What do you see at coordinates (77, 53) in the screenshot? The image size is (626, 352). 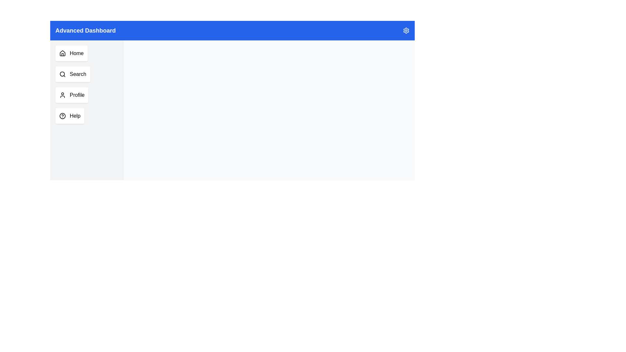 I see `the 'Home' text label located within the vertical menu on the left side of the interface, which allows users` at bounding box center [77, 53].